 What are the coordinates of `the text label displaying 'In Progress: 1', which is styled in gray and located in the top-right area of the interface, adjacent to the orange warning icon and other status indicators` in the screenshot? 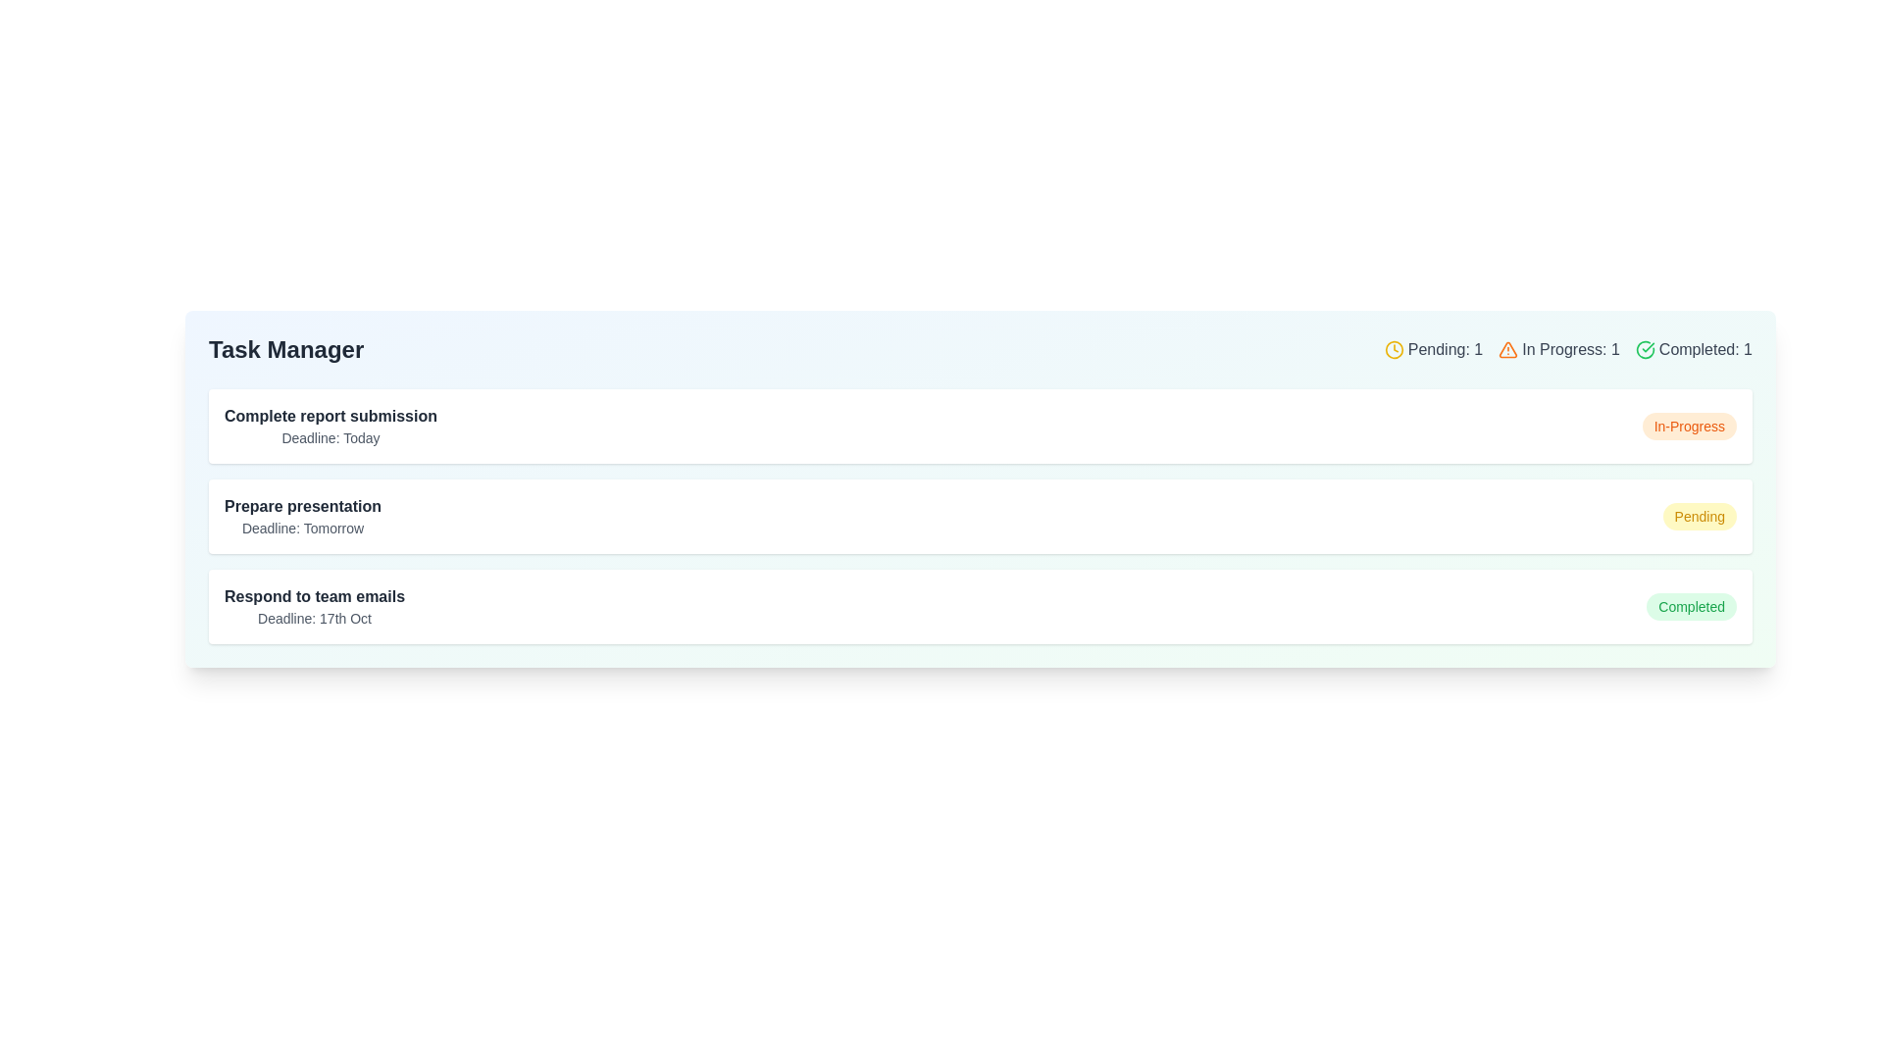 It's located at (1571, 349).